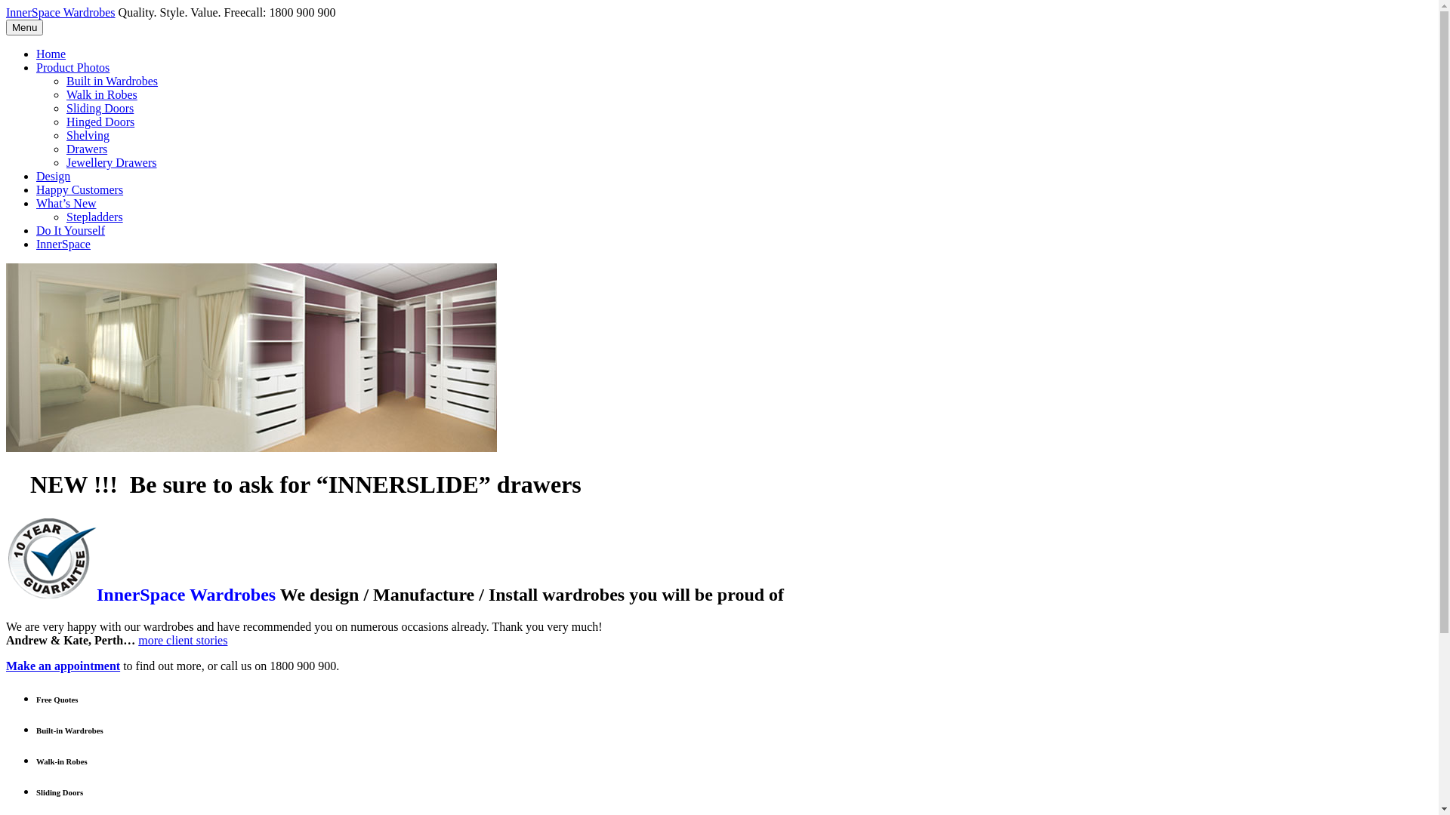 The height and width of the screenshot is (815, 1450). I want to click on 'Jewellery Drawers', so click(65, 162).